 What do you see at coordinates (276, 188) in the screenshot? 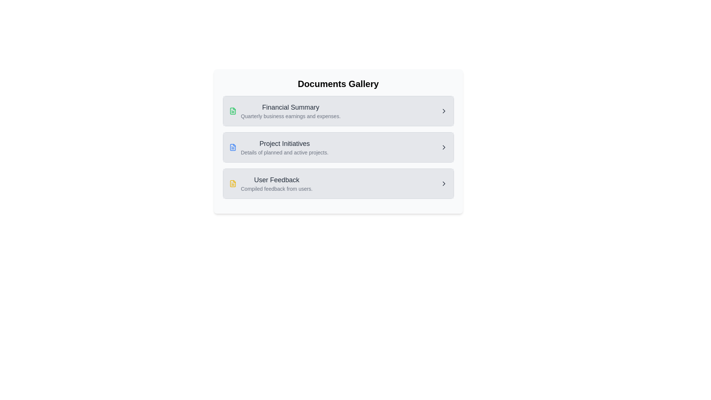
I see `text from the Text Label located beneath the 'User Feedback' title, which is in the third row of the list within the card layout` at bounding box center [276, 188].